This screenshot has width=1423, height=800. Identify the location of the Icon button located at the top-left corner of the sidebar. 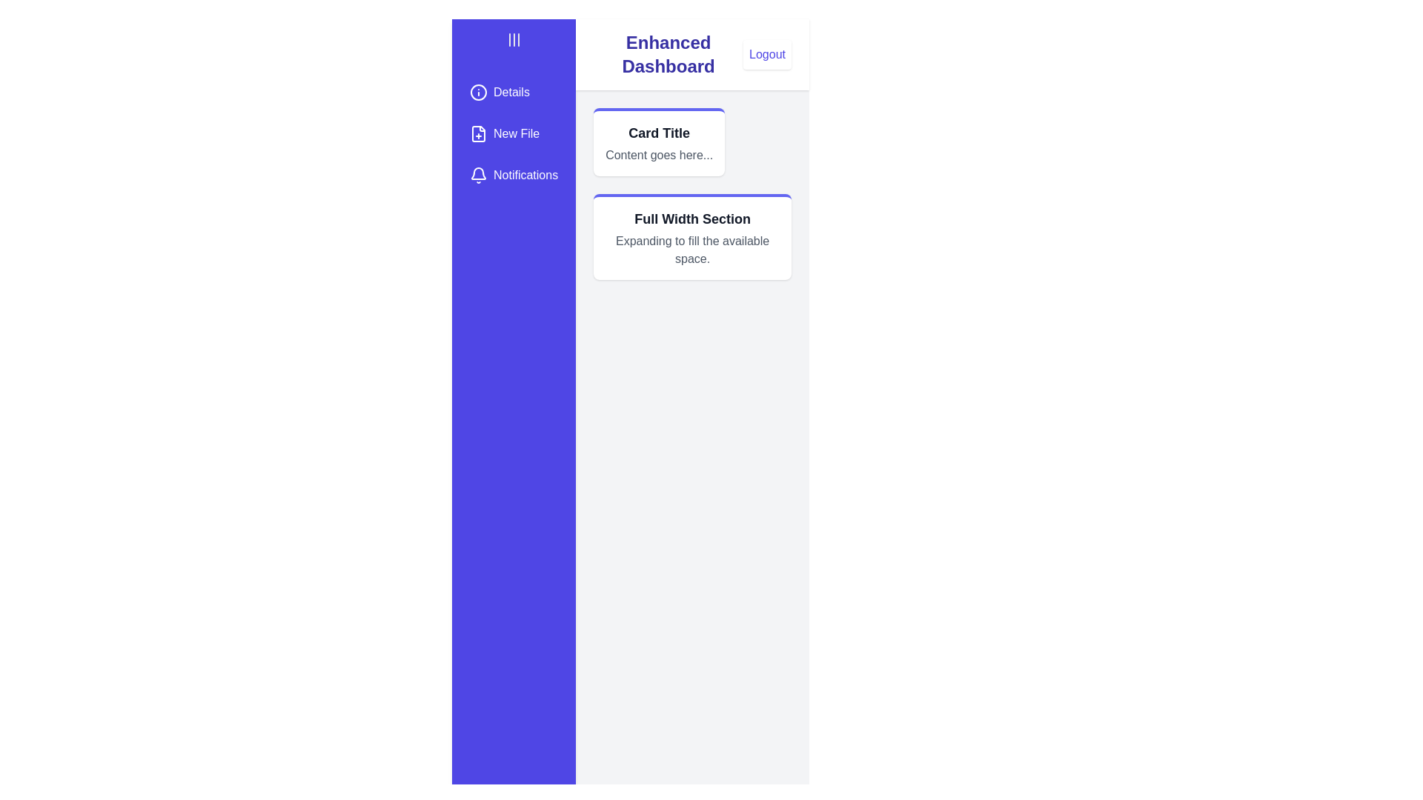
(514, 39).